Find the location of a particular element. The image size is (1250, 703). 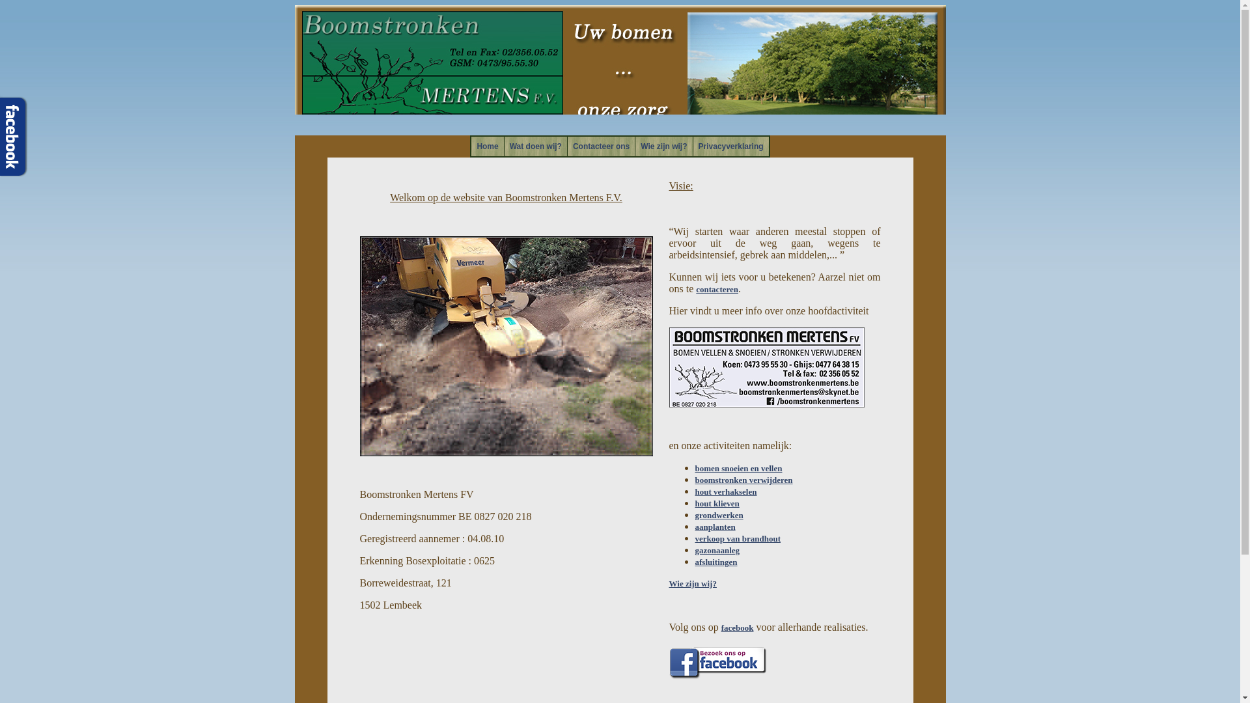

'Wat doen wij?' is located at coordinates (535, 146).